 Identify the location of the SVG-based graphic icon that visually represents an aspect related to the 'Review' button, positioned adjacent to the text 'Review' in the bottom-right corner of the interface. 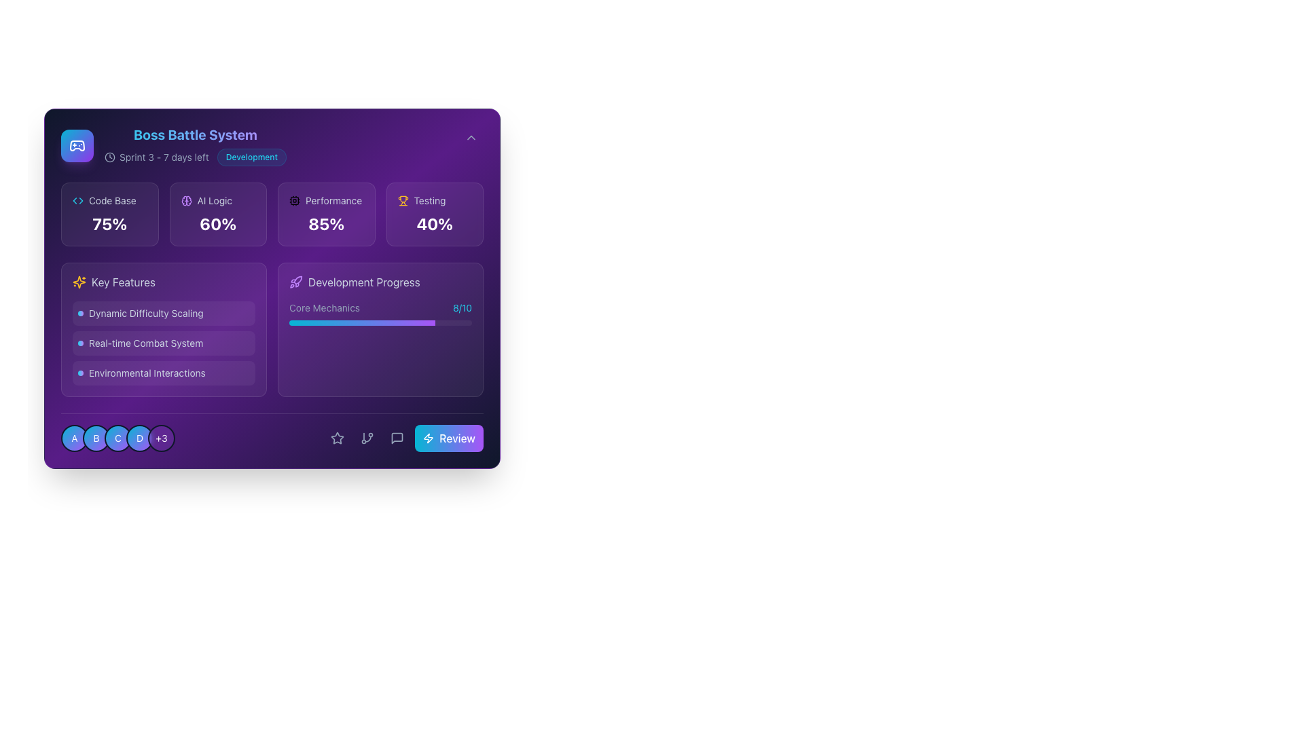
(428, 438).